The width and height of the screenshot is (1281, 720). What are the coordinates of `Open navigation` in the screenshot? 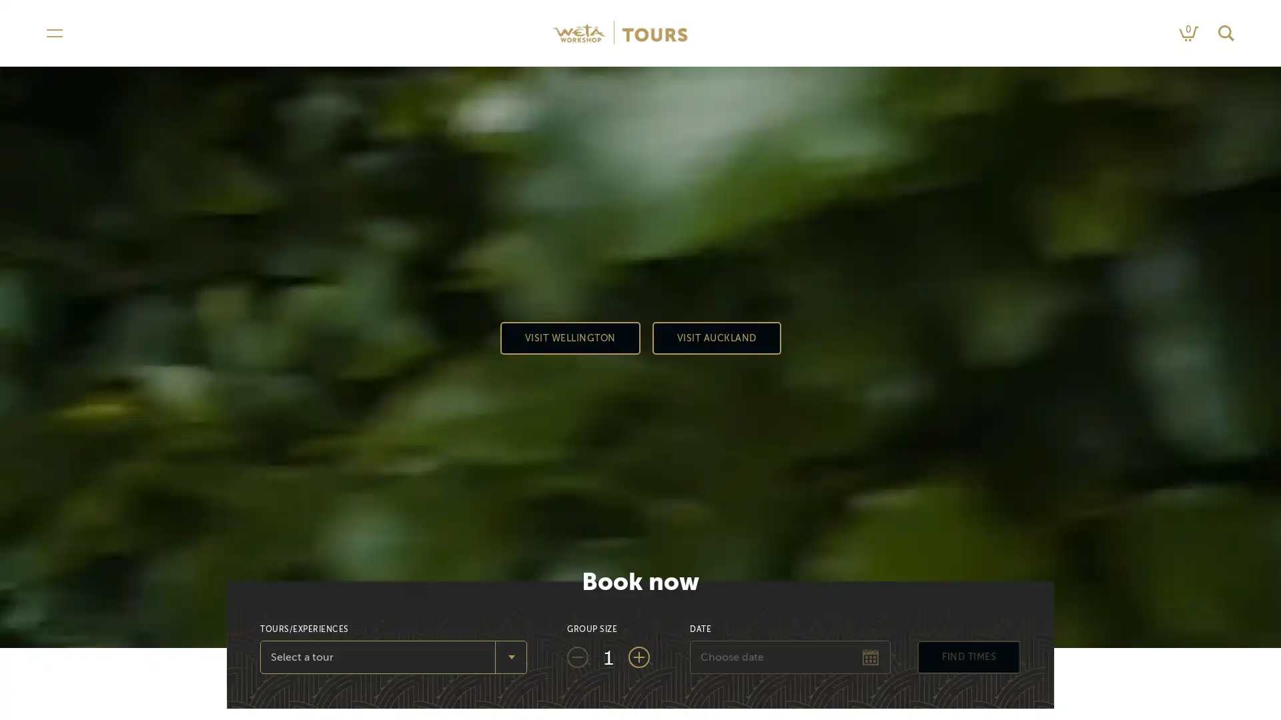 It's located at (53, 33).